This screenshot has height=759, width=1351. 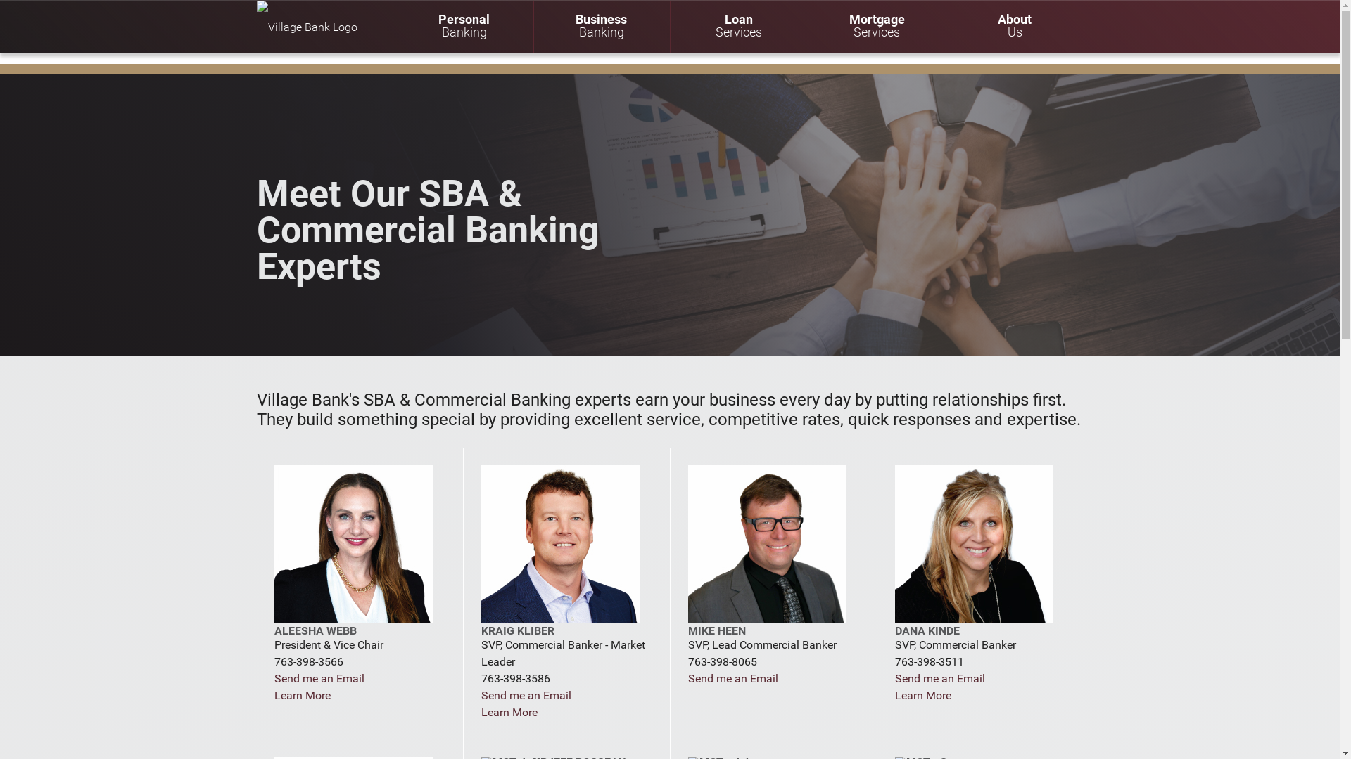 What do you see at coordinates (939, 677) in the screenshot?
I see `'Send me an Email'` at bounding box center [939, 677].